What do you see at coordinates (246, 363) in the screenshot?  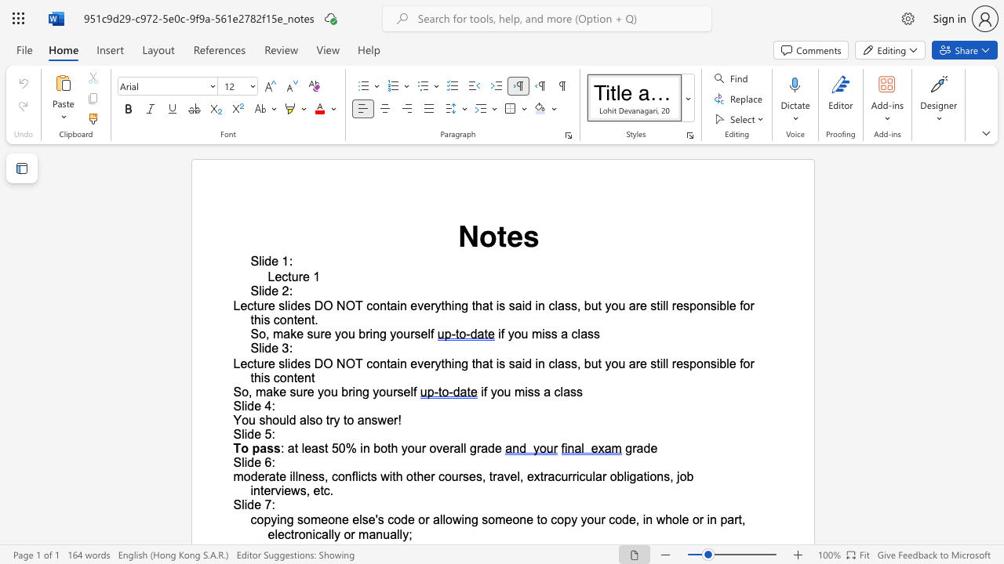 I see `the space between the continuous character "e" and "c" in the text` at bounding box center [246, 363].